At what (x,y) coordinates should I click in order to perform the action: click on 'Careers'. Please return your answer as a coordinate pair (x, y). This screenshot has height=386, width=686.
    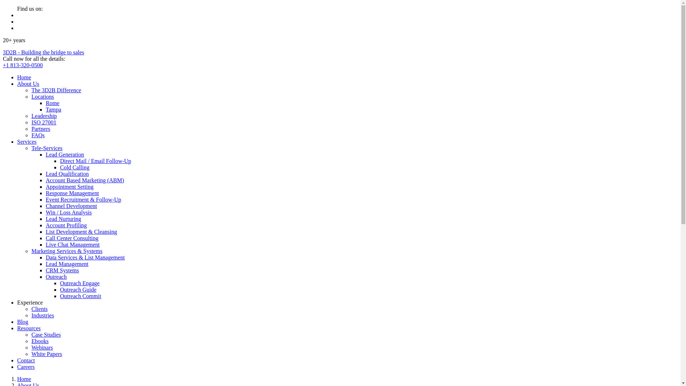
    Looking at the image, I should click on (26, 367).